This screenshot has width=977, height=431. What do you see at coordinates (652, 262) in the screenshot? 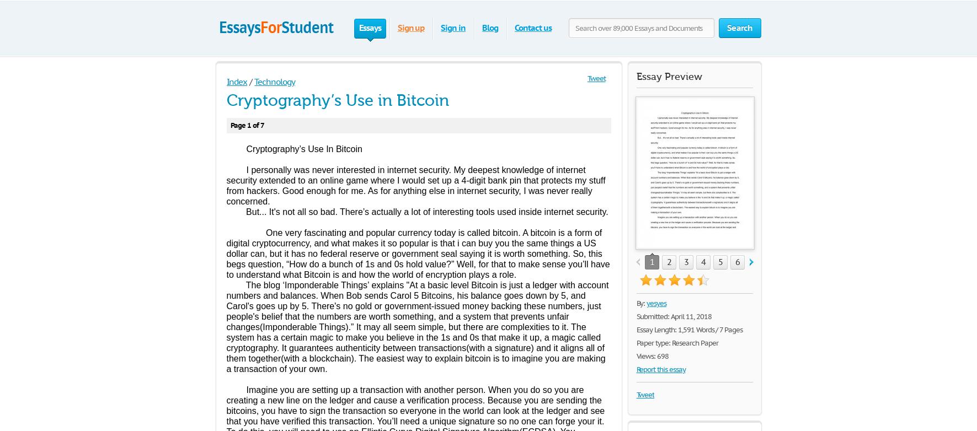
I see `'1'` at bounding box center [652, 262].